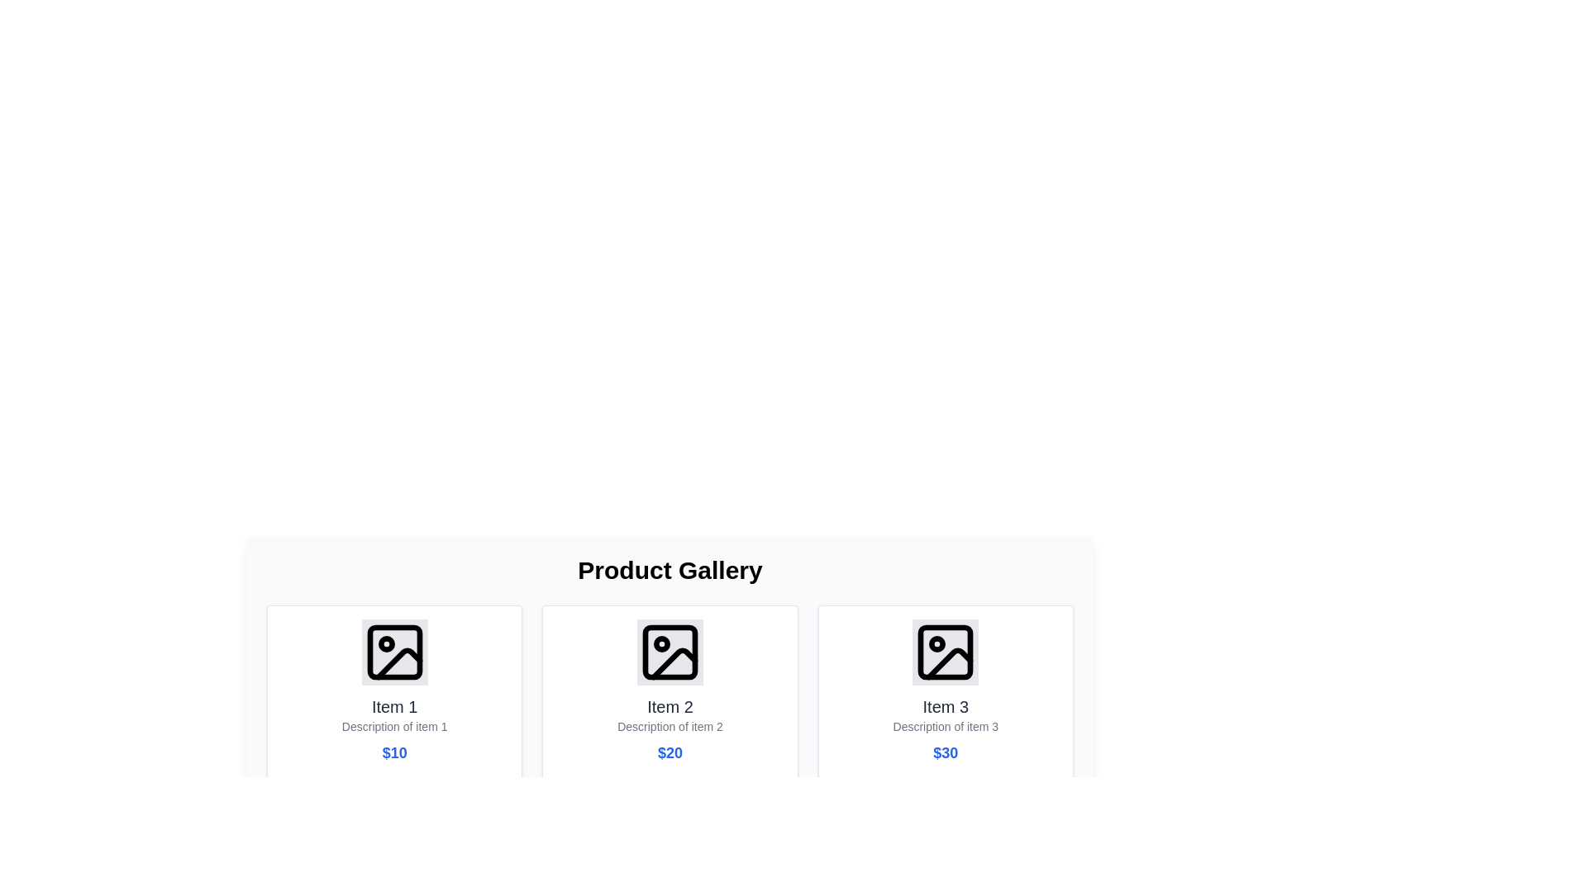 This screenshot has width=1587, height=892. I want to click on the second product listing card in the grid layout, so click(670, 691).